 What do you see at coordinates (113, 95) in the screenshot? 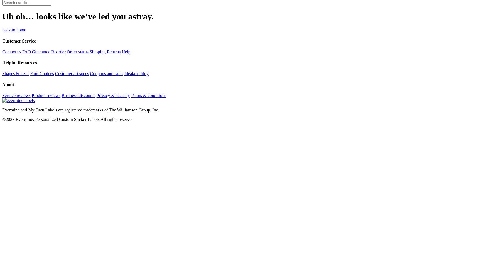
I see `'Privacy & security'` at bounding box center [113, 95].